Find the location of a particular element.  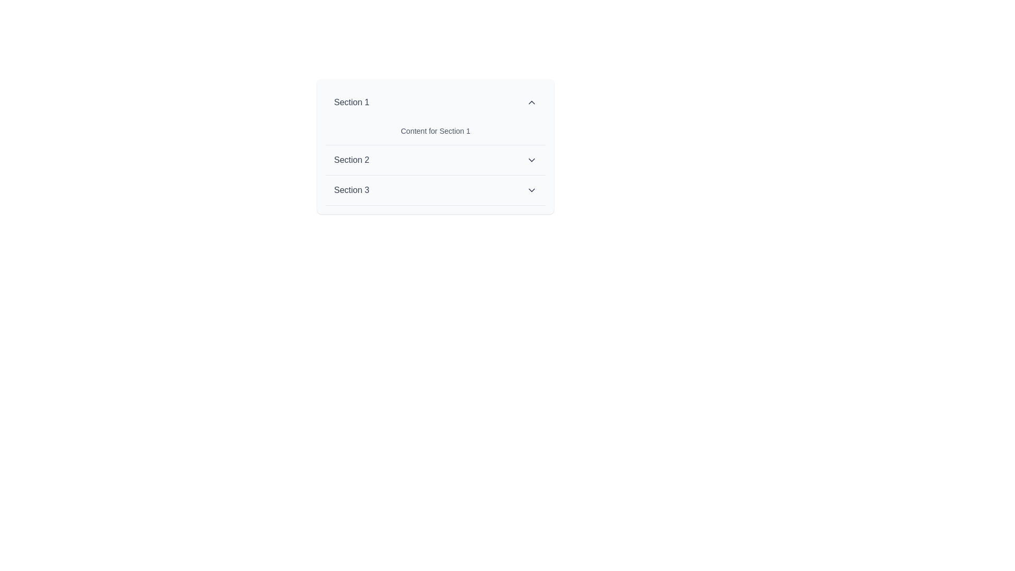

the clickable title bar for 'Section 3' is located at coordinates (436, 189).